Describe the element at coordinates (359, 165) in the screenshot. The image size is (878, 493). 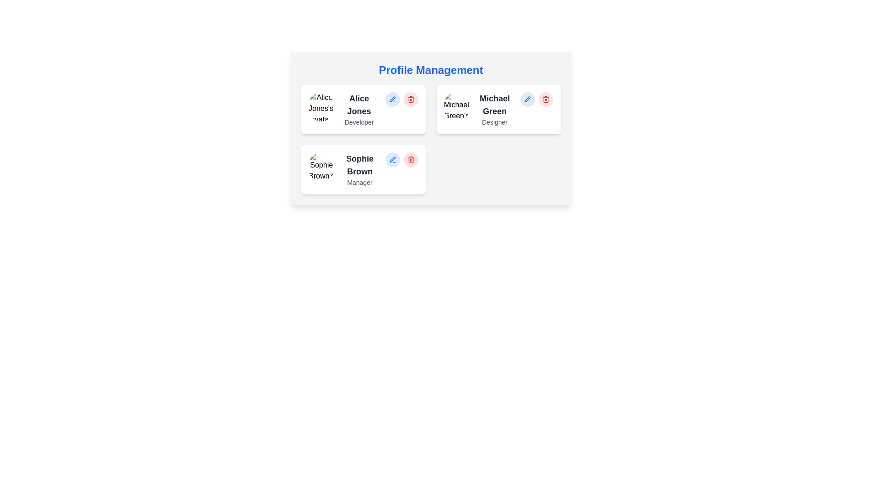
I see `the text label 'Sophie Brown' which is styled in a larger bold dark gray font, located on the third card in the Profile Management layout` at that location.